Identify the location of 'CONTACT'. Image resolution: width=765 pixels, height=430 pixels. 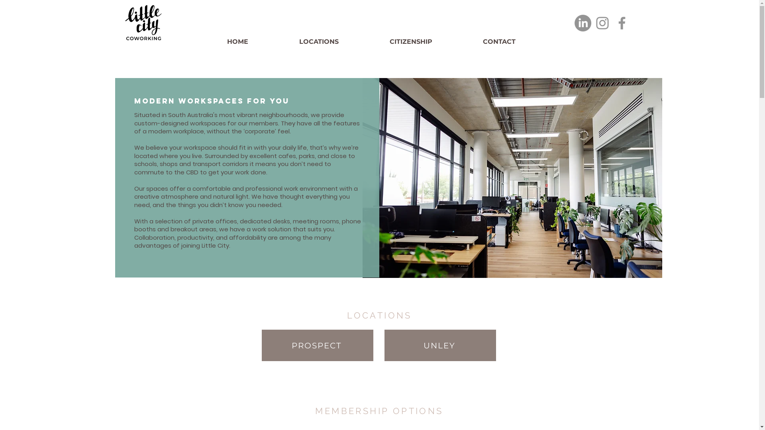
(520, 41).